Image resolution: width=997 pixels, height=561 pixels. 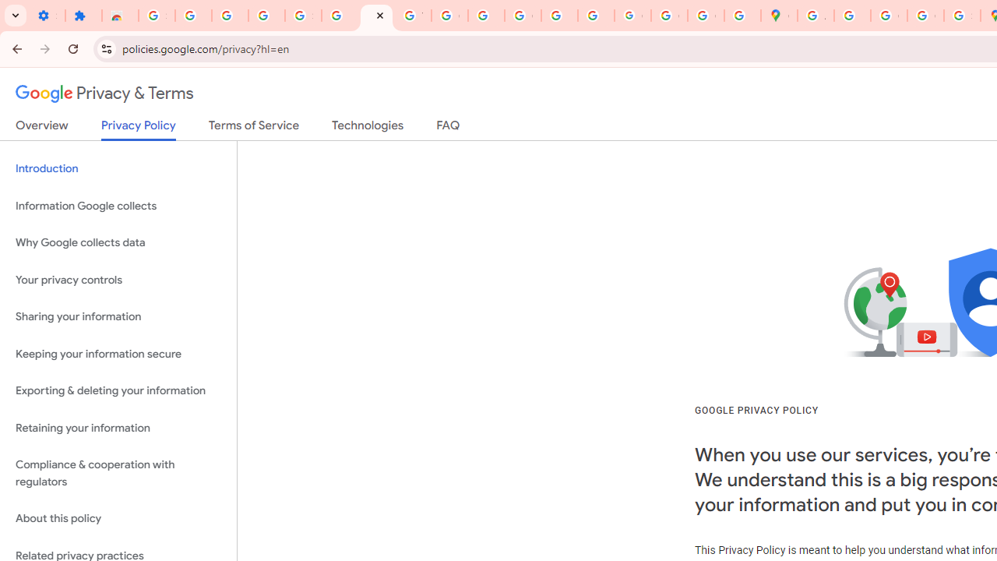 I want to click on 'Retaining your information', so click(x=118, y=428).